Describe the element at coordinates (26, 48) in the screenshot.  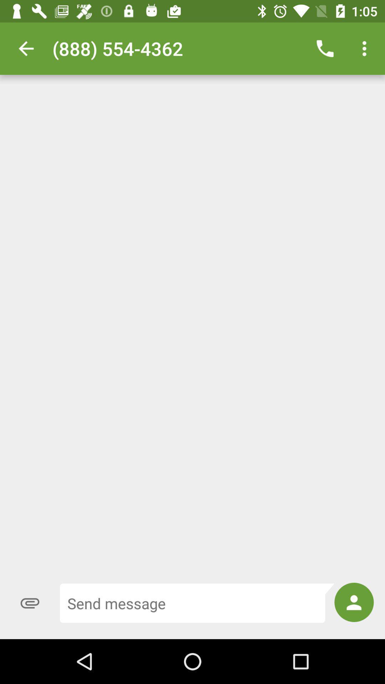
I see `icon next to the (888) 554-4362 item` at that location.